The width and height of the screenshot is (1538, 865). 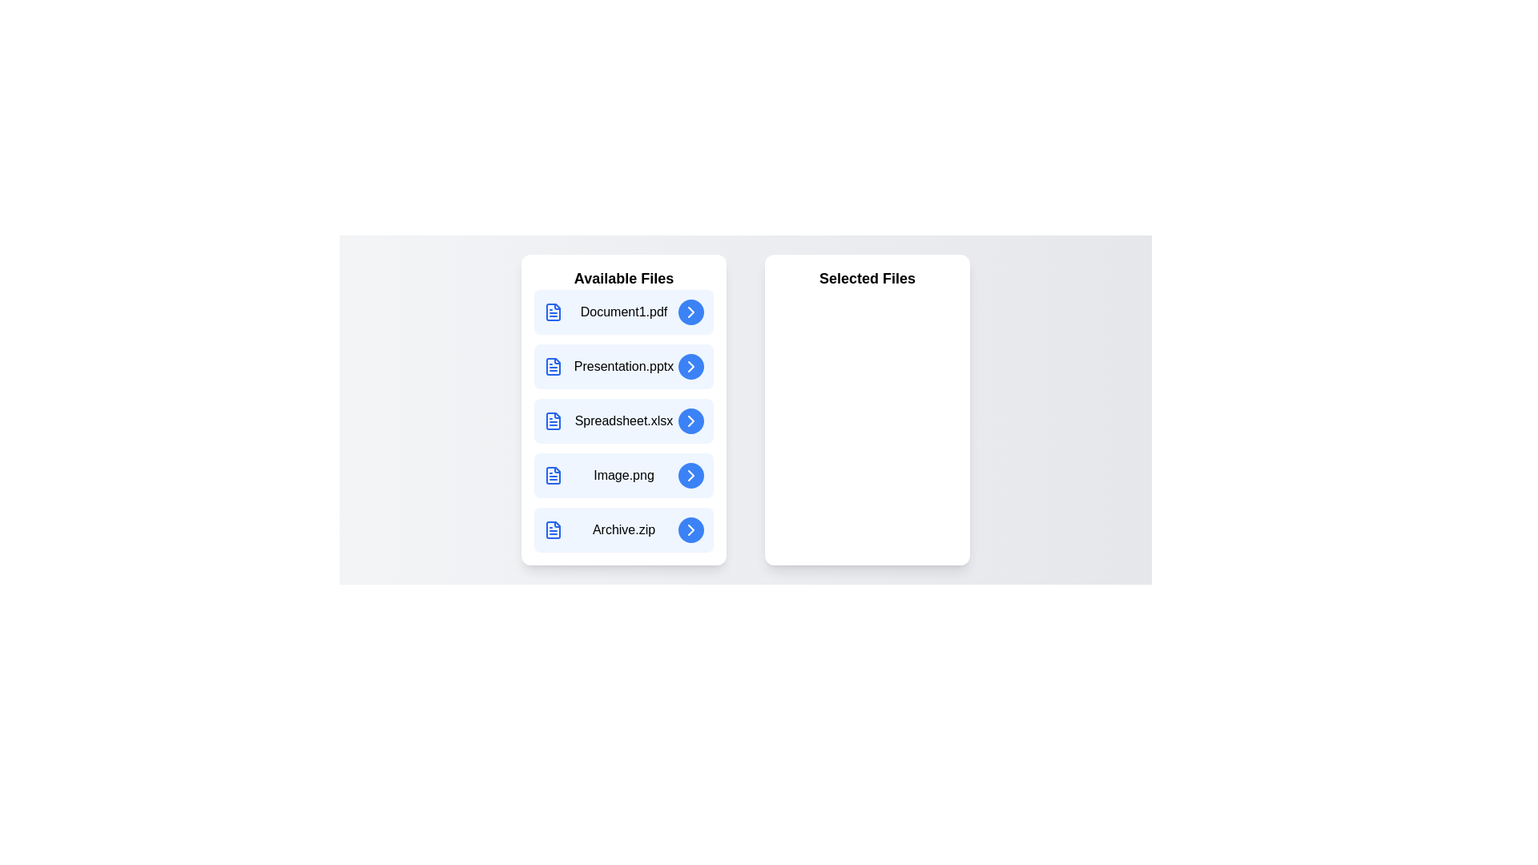 I want to click on right arrow button next to the file Spreadsheet.xlsx in the 'Available Files' list to assign it to the 'Selected Files' list, so click(x=691, y=420).